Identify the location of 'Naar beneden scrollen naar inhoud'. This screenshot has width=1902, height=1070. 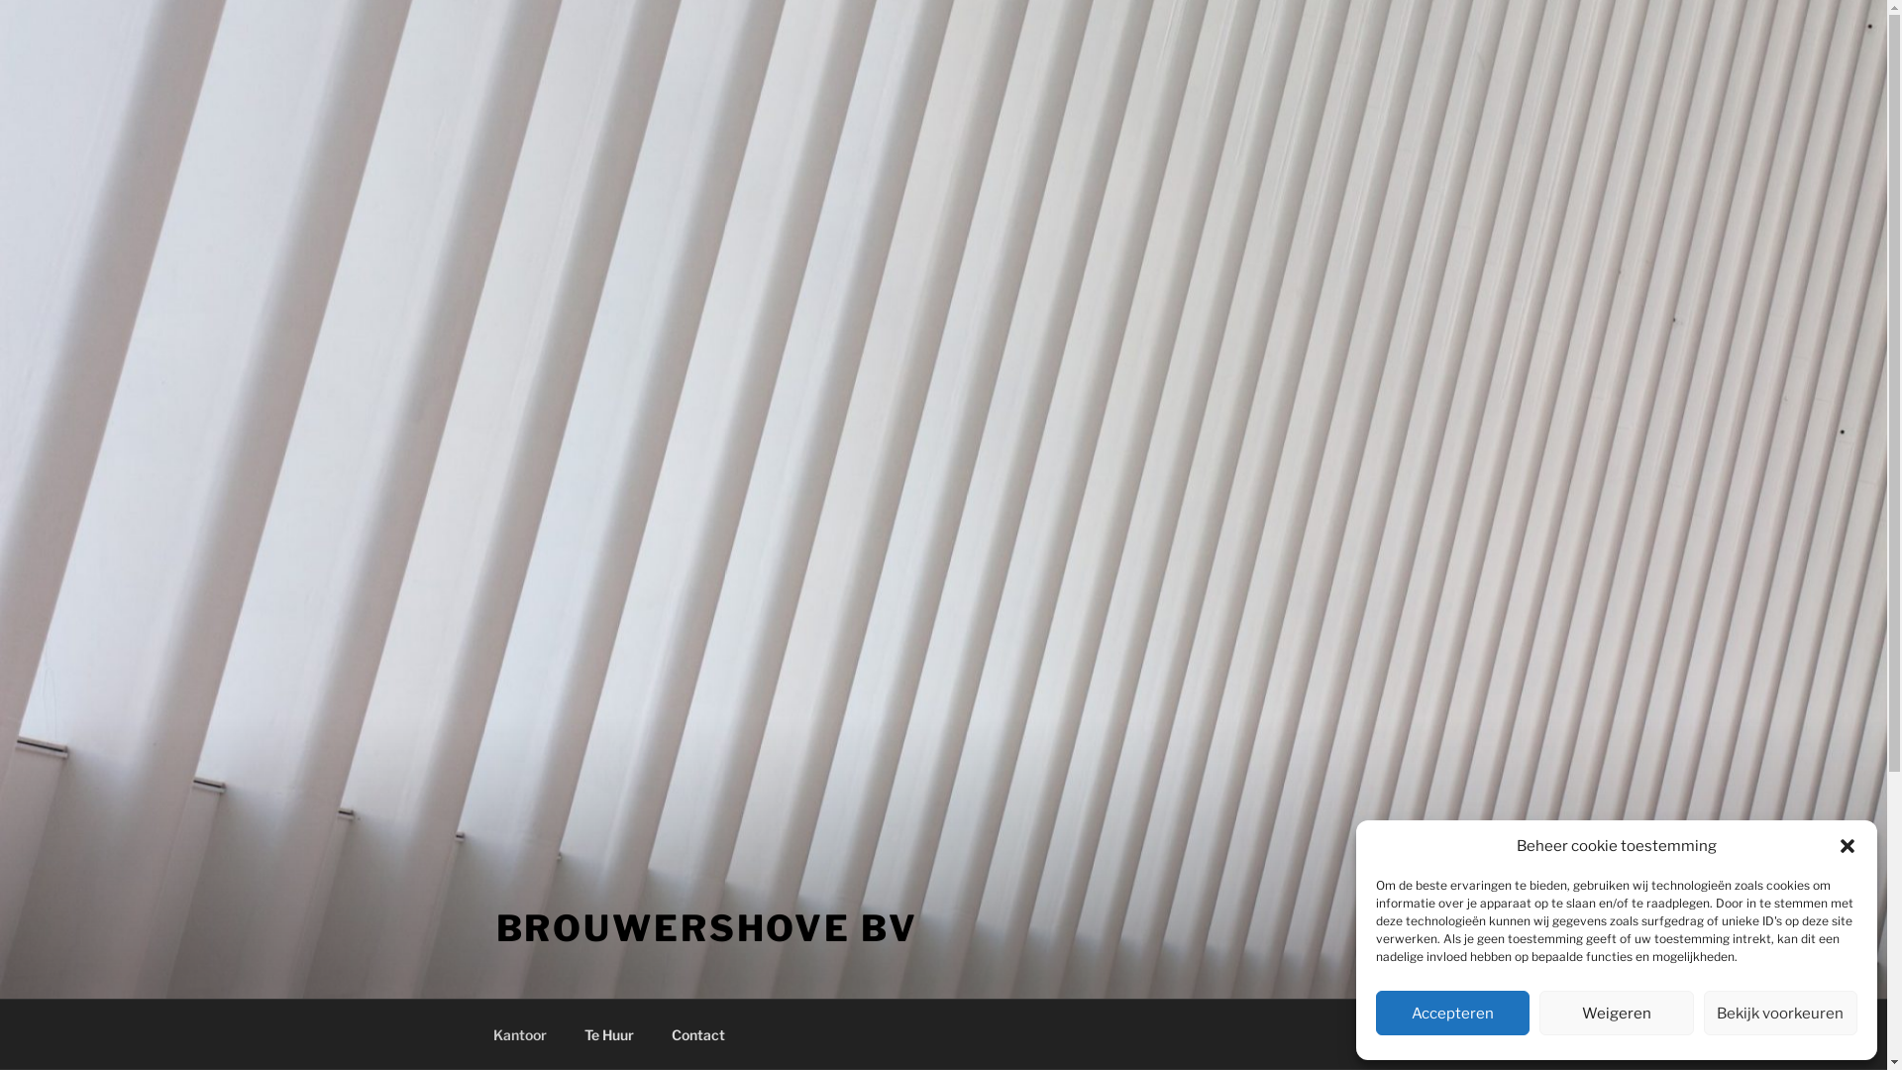
(1415, 1032).